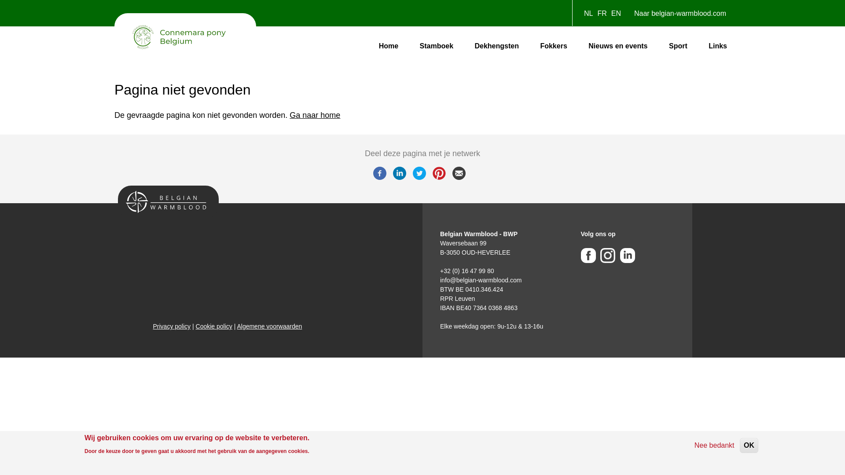  What do you see at coordinates (437, 46) in the screenshot?
I see `'Stamboek'` at bounding box center [437, 46].